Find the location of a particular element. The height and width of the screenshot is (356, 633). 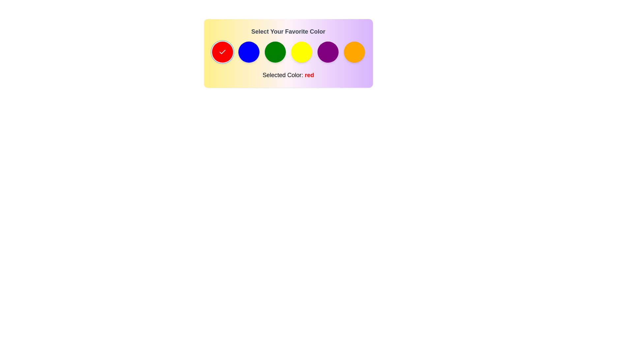

the color yellow from the palette is located at coordinates (301, 52).